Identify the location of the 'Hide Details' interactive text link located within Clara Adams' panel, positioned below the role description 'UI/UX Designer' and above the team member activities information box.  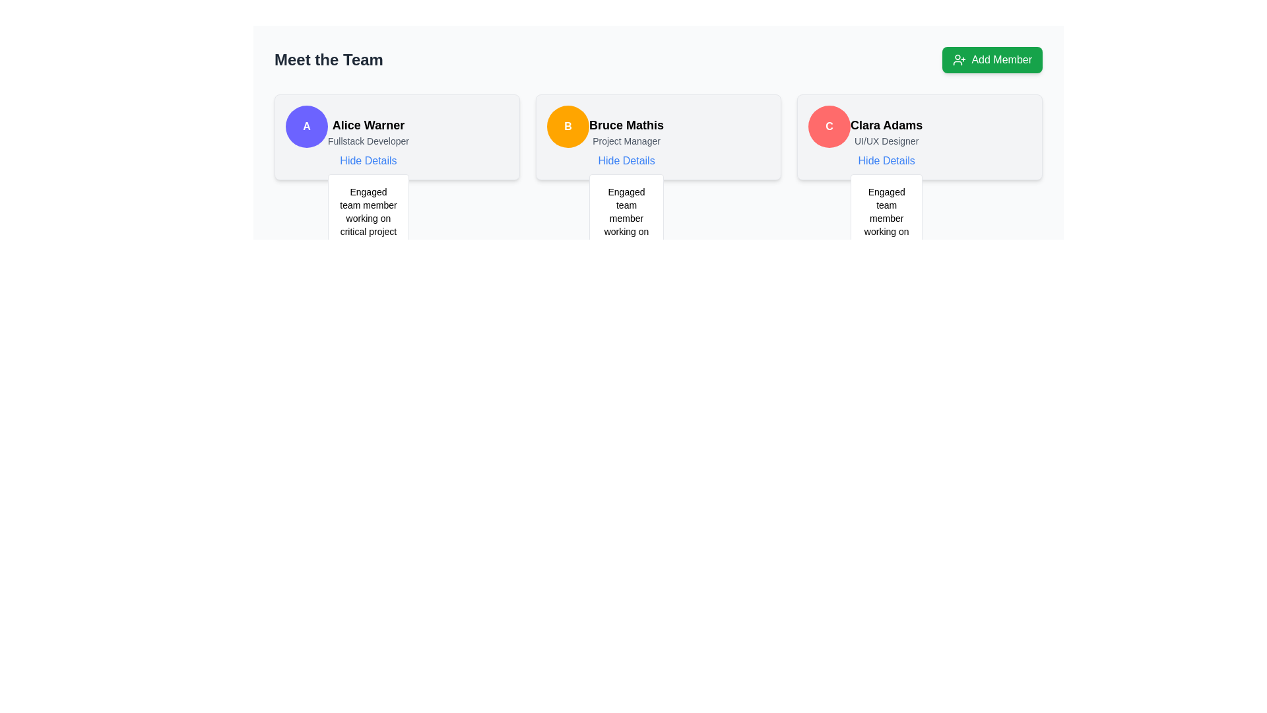
(886, 160).